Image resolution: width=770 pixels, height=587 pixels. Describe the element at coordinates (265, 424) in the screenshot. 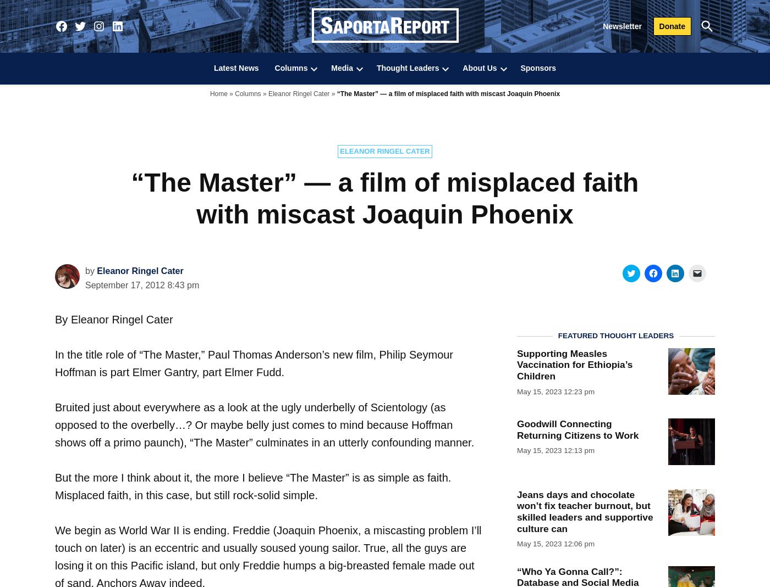

I see `'Bruited just about everywhere as a look at the ugly underbelly of Scientology (as opposed to the overbelly…? Or maybe belly just comes to mind because Hoffman shows off a primo paunch), “The Master” culminates in an utterly confounding manner.'` at that location.